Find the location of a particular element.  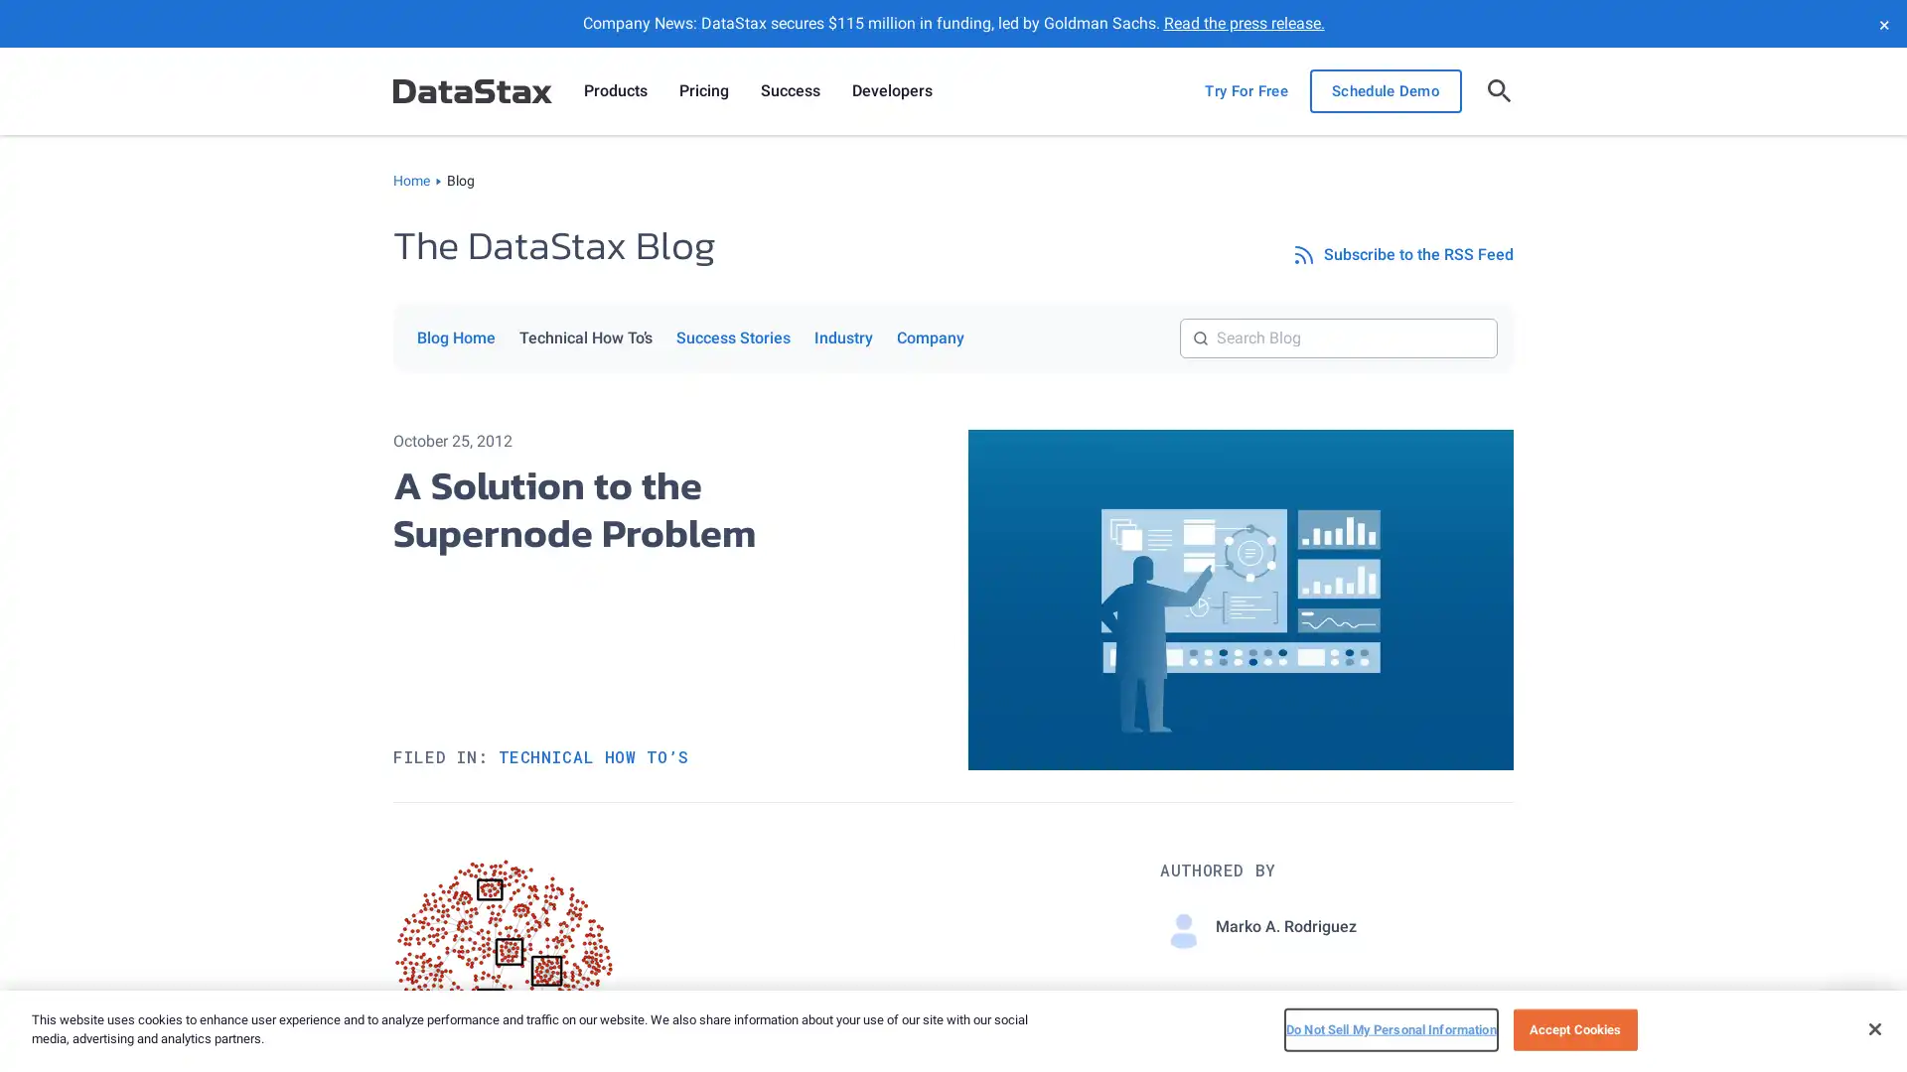

Open Intercom Messenger is located at coordinates (1856, 1021).